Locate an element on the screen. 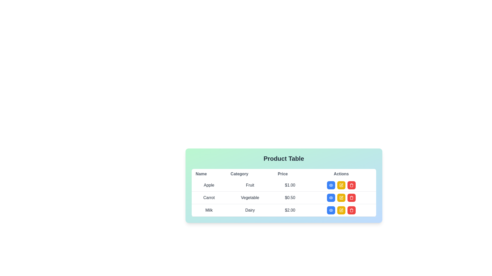 This screenshot has height=276, width=492. the Text Display element displaying the price value of '$2.00' located in the third row of the table under the 'Price' column is located at coordinates (290, 210).